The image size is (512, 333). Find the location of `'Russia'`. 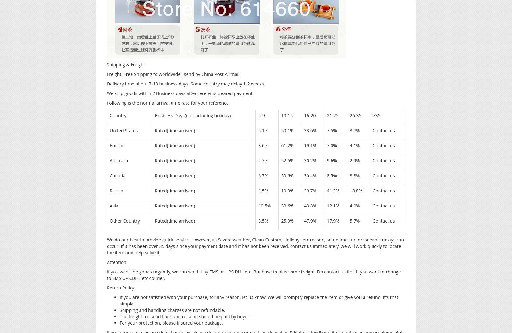

'Russia' is located at coordinates (110, 190).